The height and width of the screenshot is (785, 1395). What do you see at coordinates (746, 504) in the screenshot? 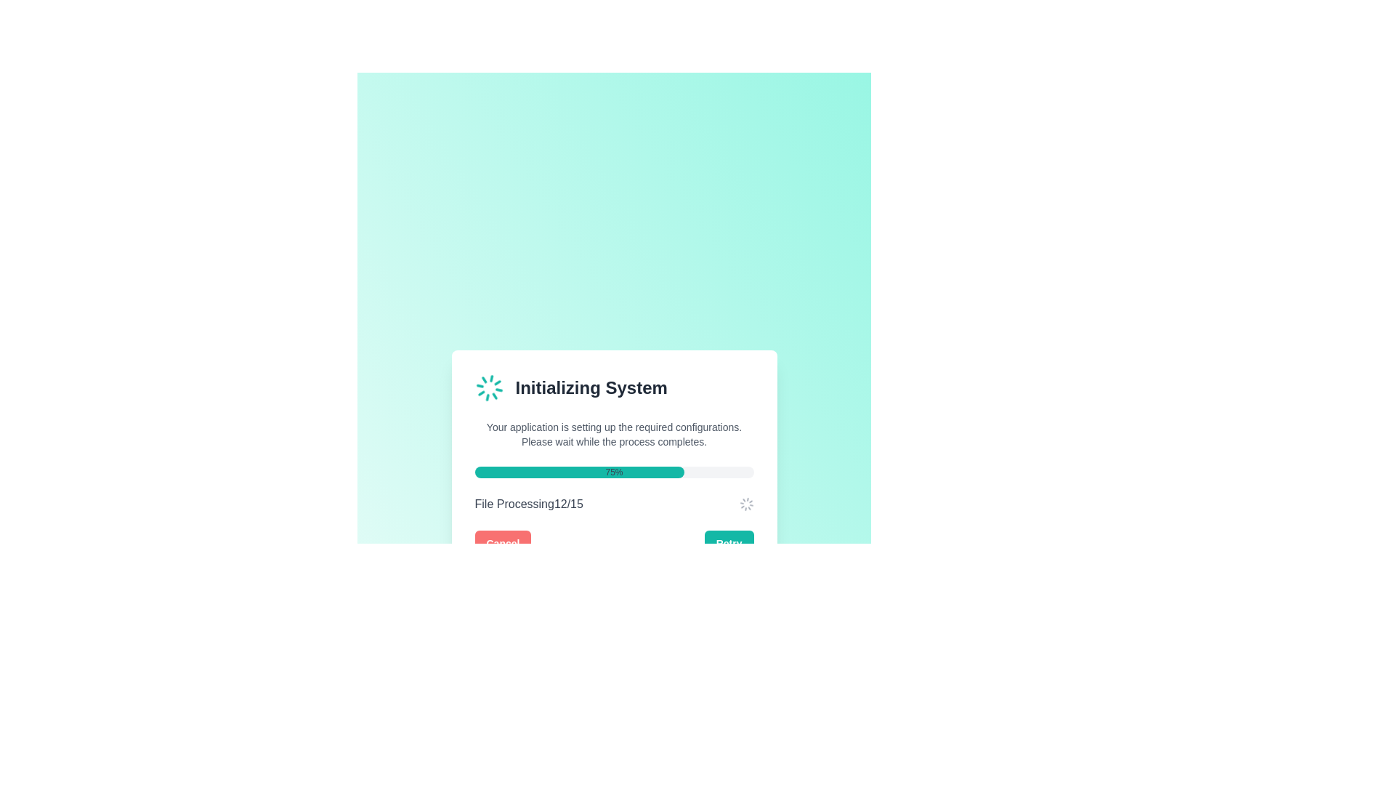
I see `the loader or spinner indicator located at the far right end of the 'File Processing12/15' section, adjacent to the progress text` at bounding box center [746, 504].